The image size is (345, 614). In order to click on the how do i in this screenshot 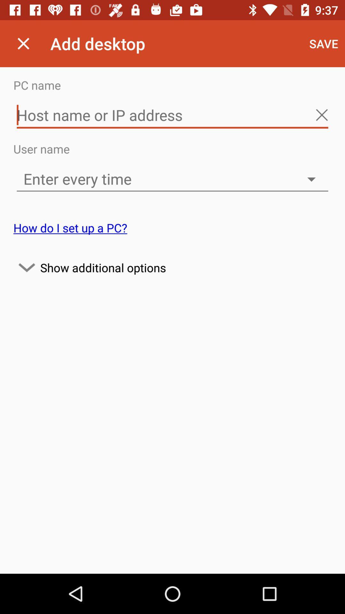, I will do `click(70, 228)`.